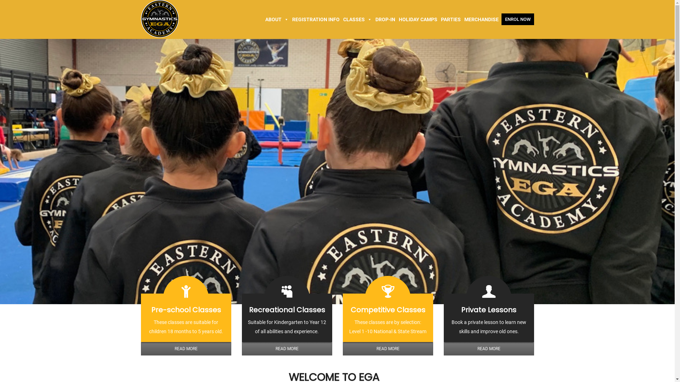 This screenshot has width=680, height=382. Describe the element at coordinates (287, 309) in the screenshot. I see `'Recreational Classes'` at that location.